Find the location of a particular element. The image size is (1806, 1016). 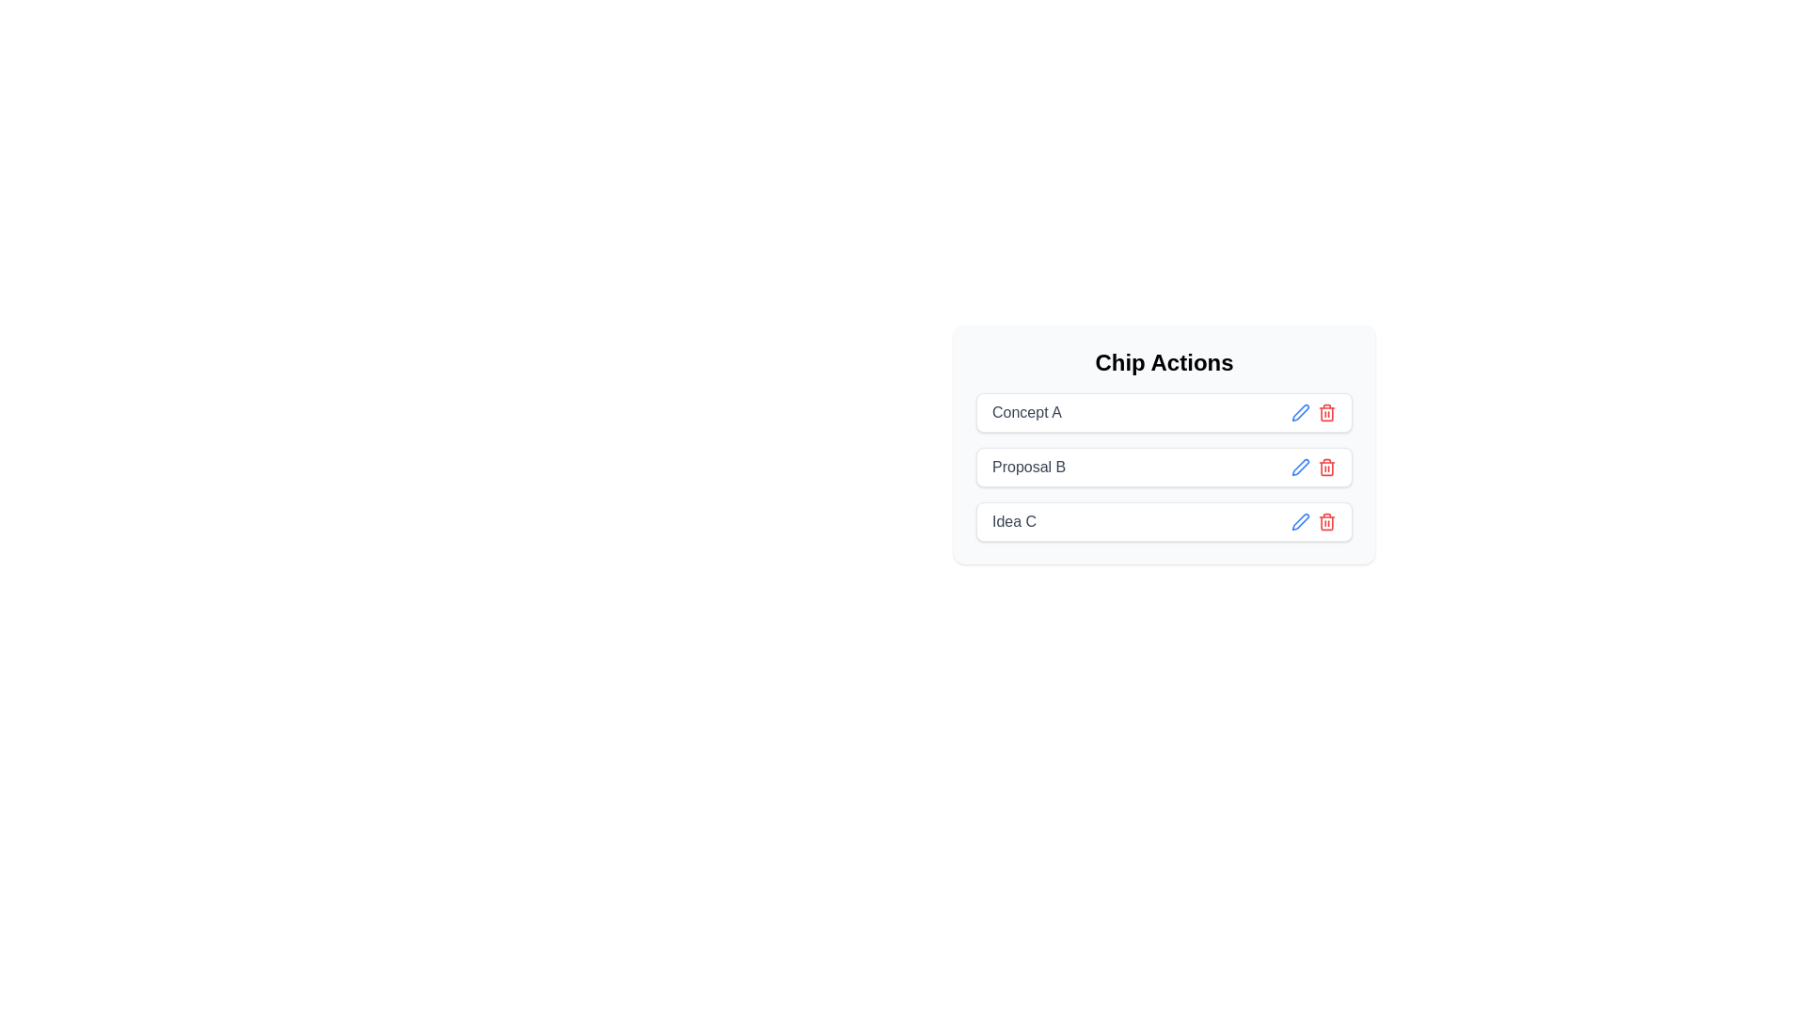

delete button next to the chip labeled Idea C is located at coordinates (1326, 522).